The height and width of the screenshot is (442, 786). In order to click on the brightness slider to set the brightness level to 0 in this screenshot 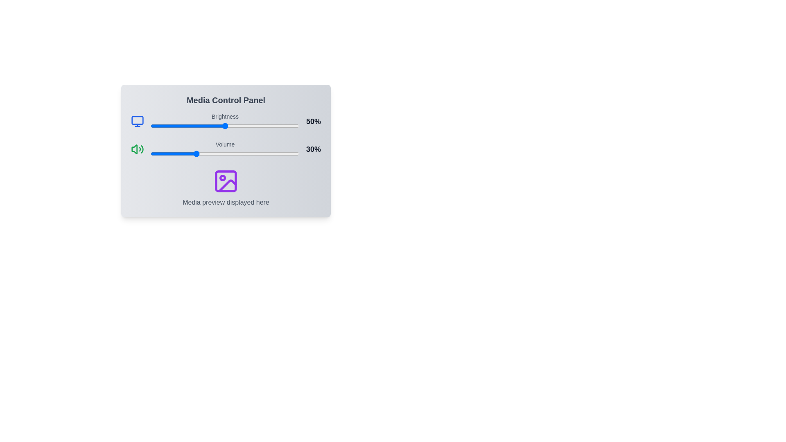, I will do `click(151, 126)`.